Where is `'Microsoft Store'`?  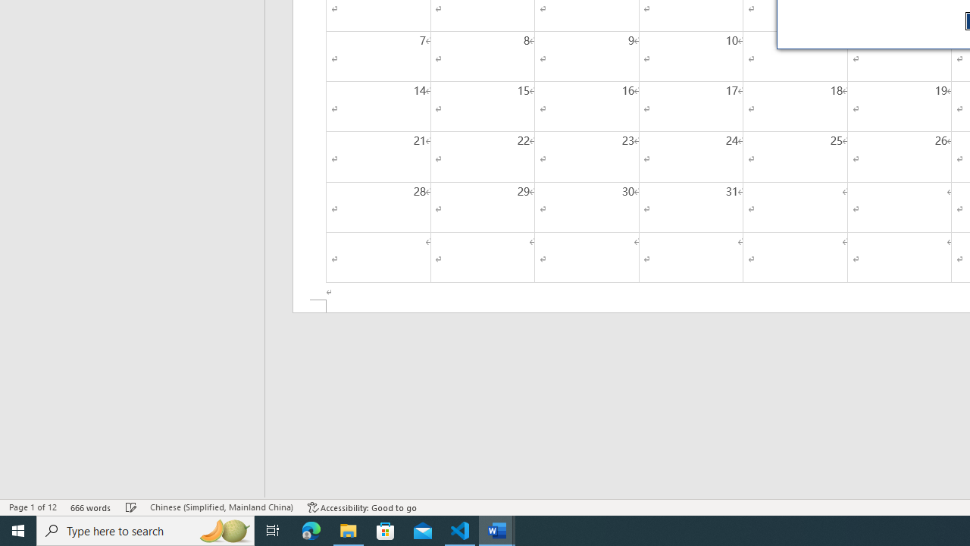
'Microsoft Store' is located at coordinates (386, 529).